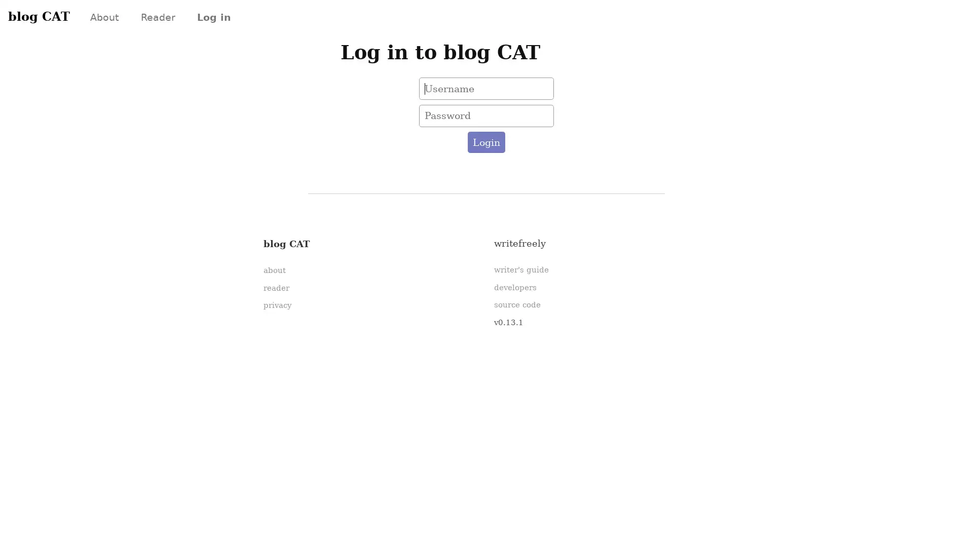  I want to click on Login, so click(485, 142).